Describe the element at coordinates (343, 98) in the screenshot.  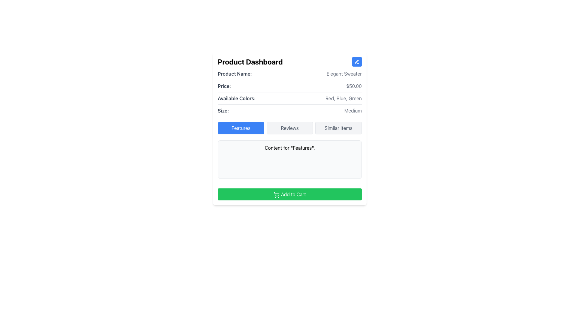
I see `the Text Label that lists the available color options for the product, positioned to the right of 'Available Colors:'` at that location.